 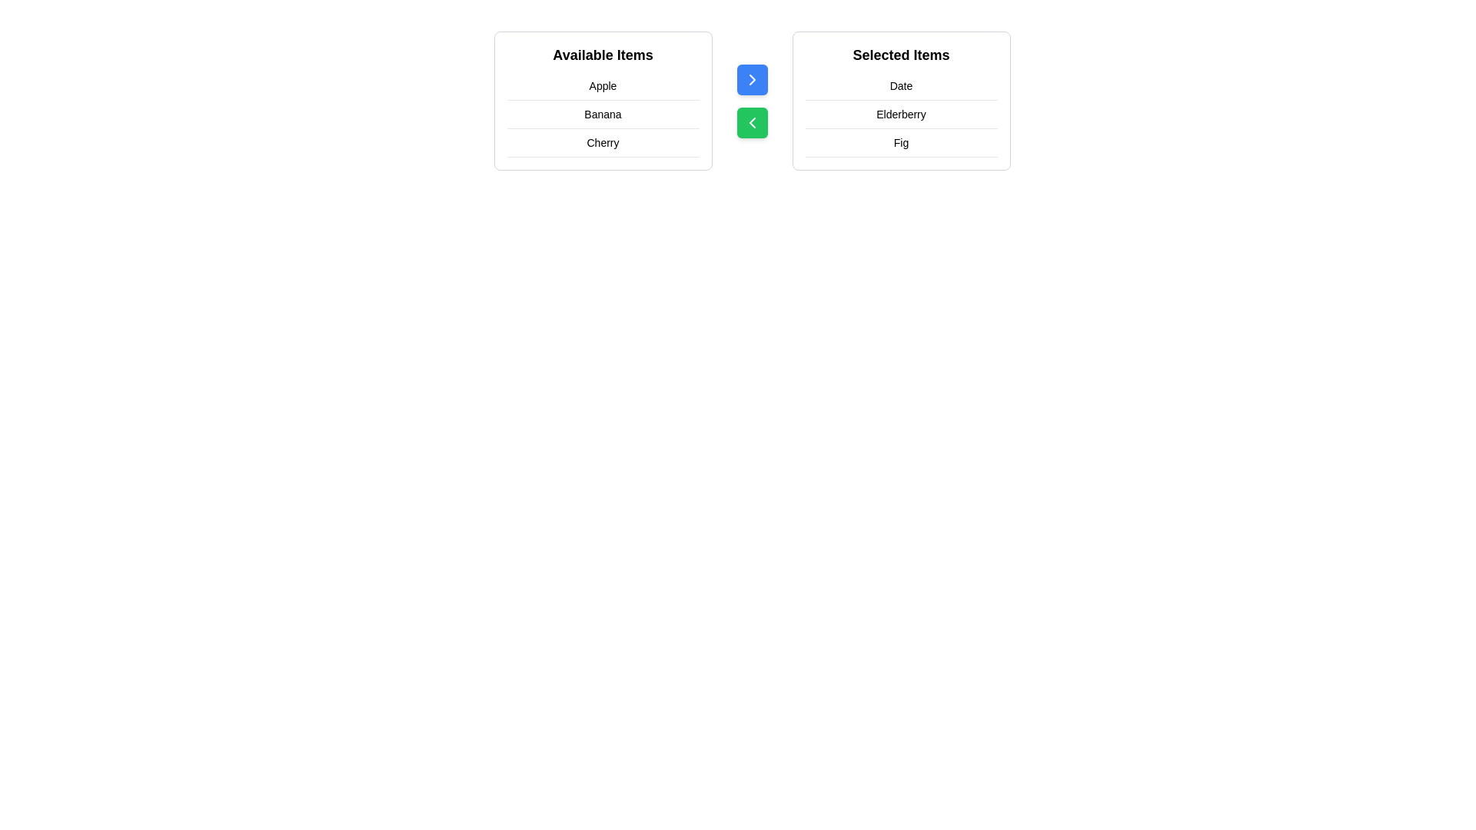 I want to click on the text label displaying the word 'Date', which is the first item in a vertical list of items under the panel titled 'Selected Items', so click(x=901, y=86).